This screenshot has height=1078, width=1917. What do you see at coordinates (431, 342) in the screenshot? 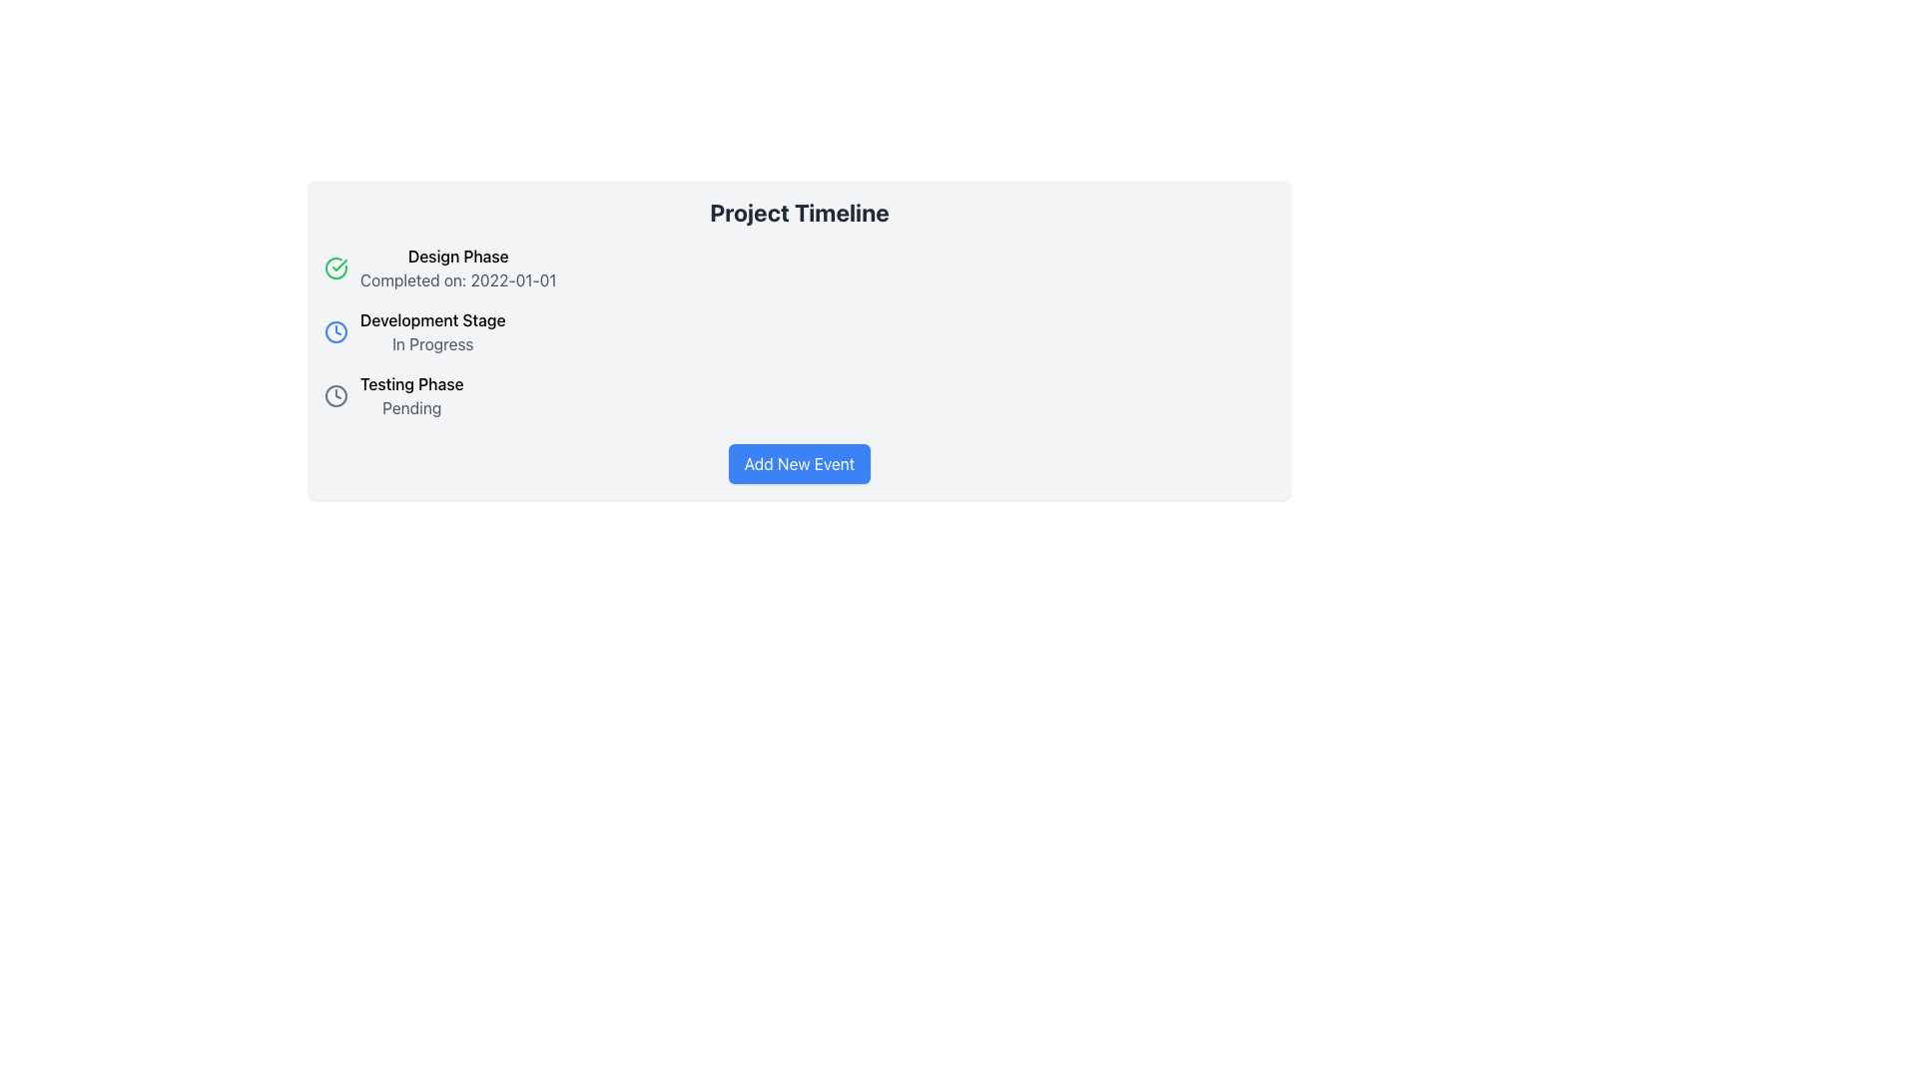
I see `the text label displaying 'In Progress', which is styled in lighter gray and positioned below the bold label 'Development Stage'` at bounding box center [431, 342].